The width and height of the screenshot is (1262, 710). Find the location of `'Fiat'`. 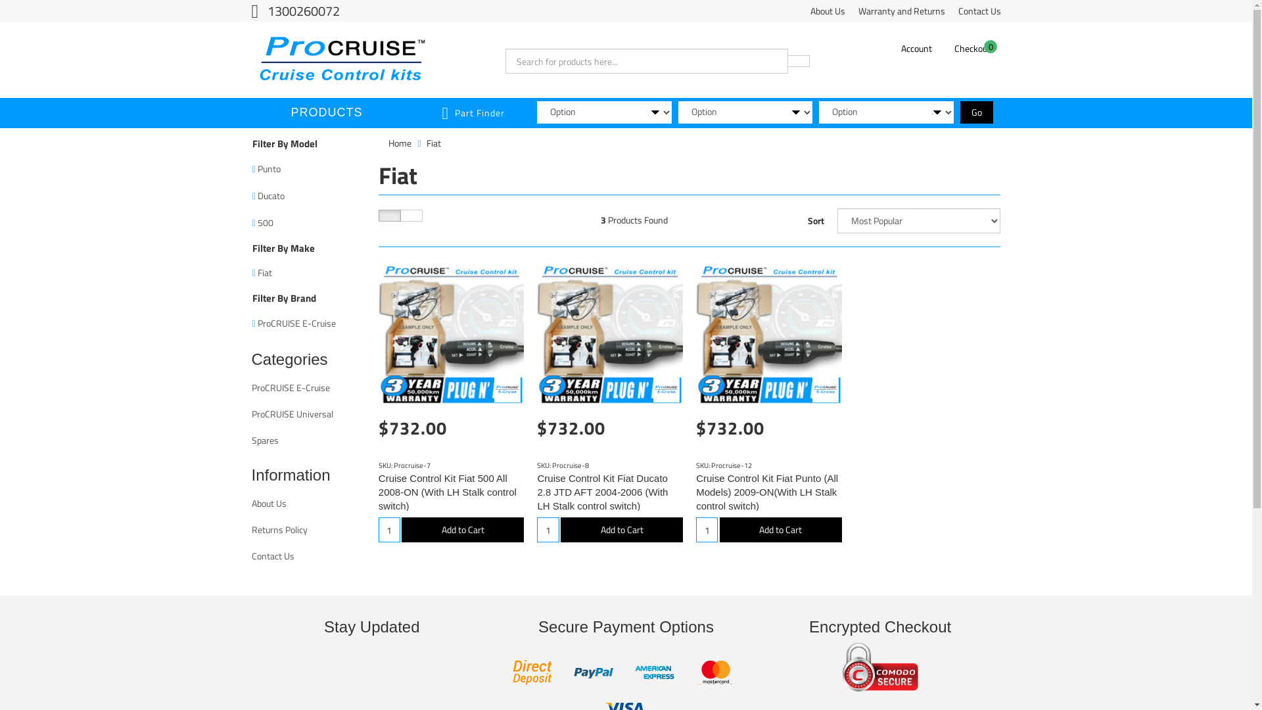

'Fiat' is located at coordinates (252, 272).